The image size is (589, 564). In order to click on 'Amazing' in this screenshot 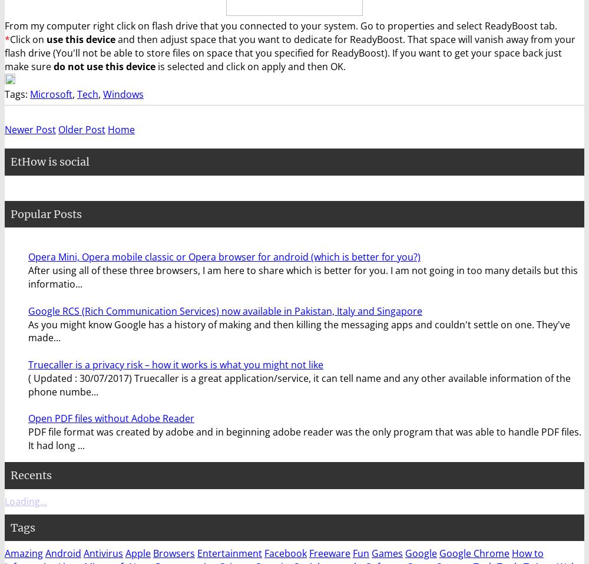, I will do `click(24, 553)`.